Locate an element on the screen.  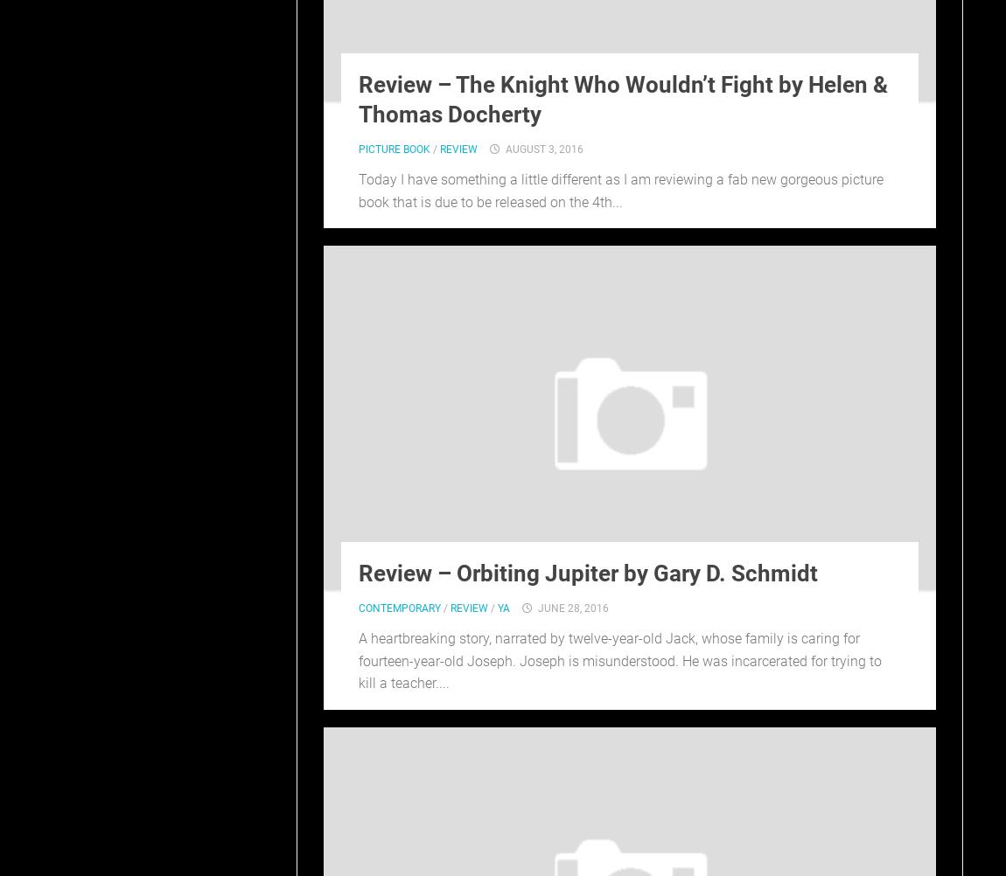
'Review – Orbiting Jupiter by Gary D. Schmidt' is located at coordinates (587, 573).